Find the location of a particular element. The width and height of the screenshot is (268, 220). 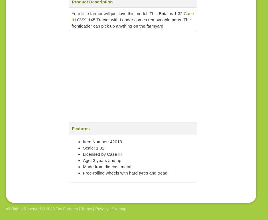

'Your little farmer will just love this model. This Britains 1:32' is located at coordinates (127, 13).